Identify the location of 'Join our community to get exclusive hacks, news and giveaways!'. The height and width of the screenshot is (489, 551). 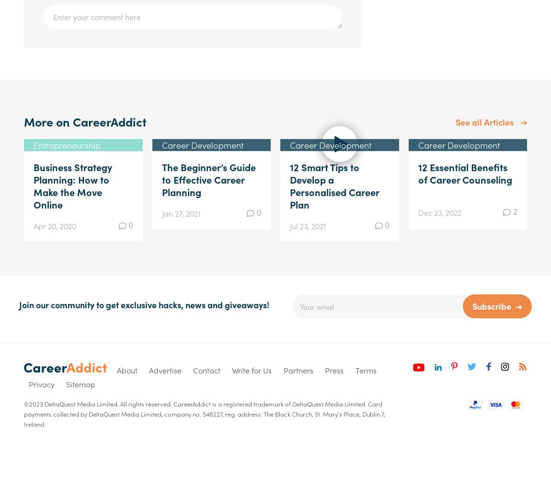
(144, 304).